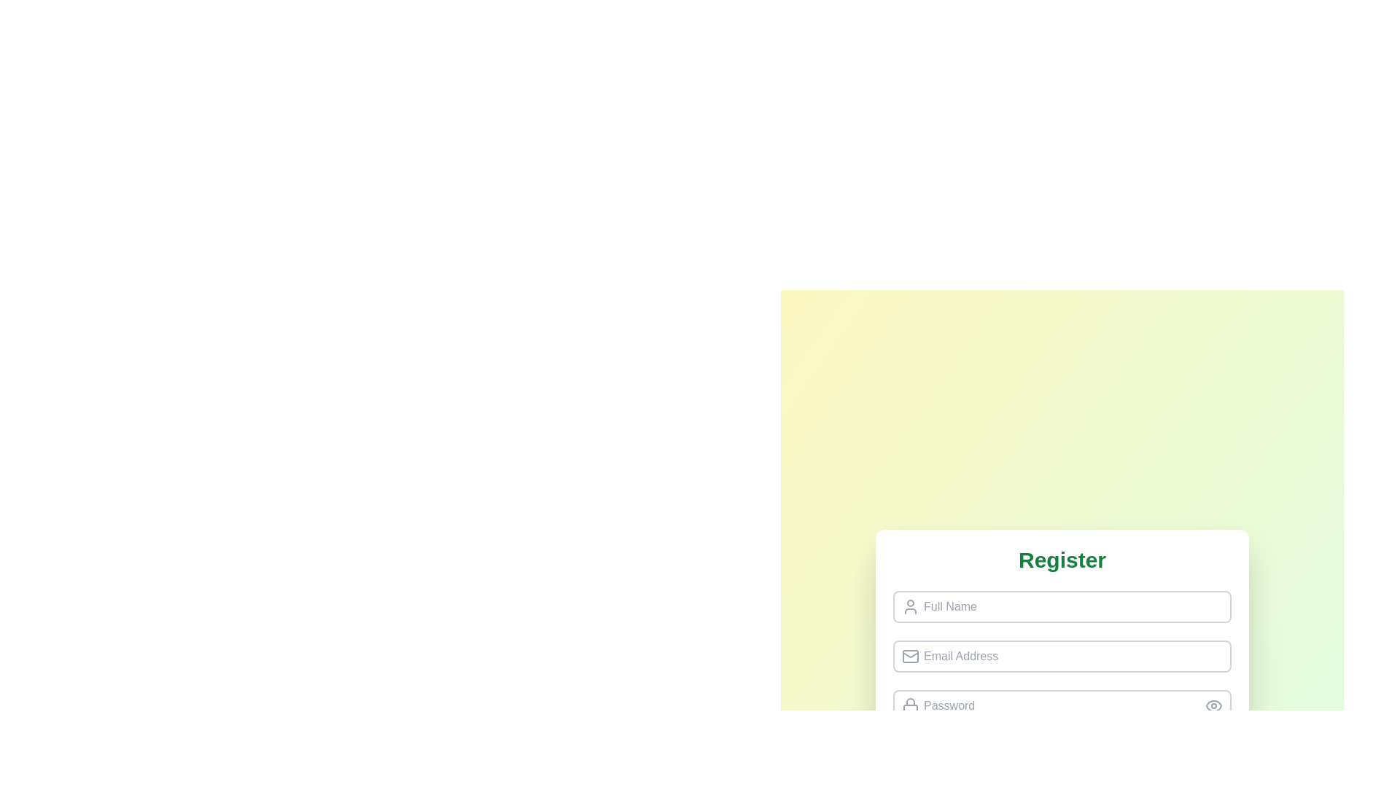 The height and width of the screenshot is (787, 1400). What do you see at coordinates (909, 705) in the screenshot?
I see `the lock icon, which is an SVG element styled in gray, located to the left of the password input field` at bounding box center [909, 705].